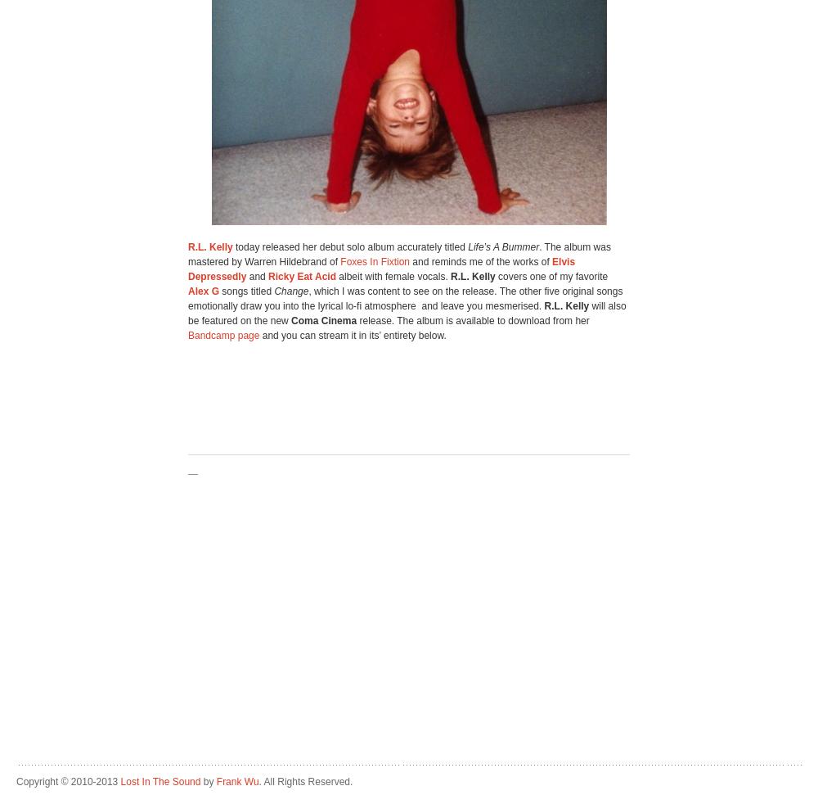 Image resolution: width=818 pixels, height=804 pixels. What do you see at coordinates (237, 781) in the screenshot?
I see `'Frank Wu'` at bounding box center [237, 781].